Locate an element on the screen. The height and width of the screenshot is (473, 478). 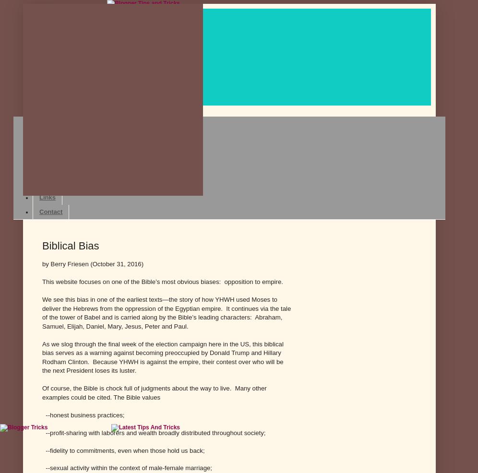
'--profit-sharing with laborers and wealth broadly distributed throughout society;' is located at coordinates (153, 432).